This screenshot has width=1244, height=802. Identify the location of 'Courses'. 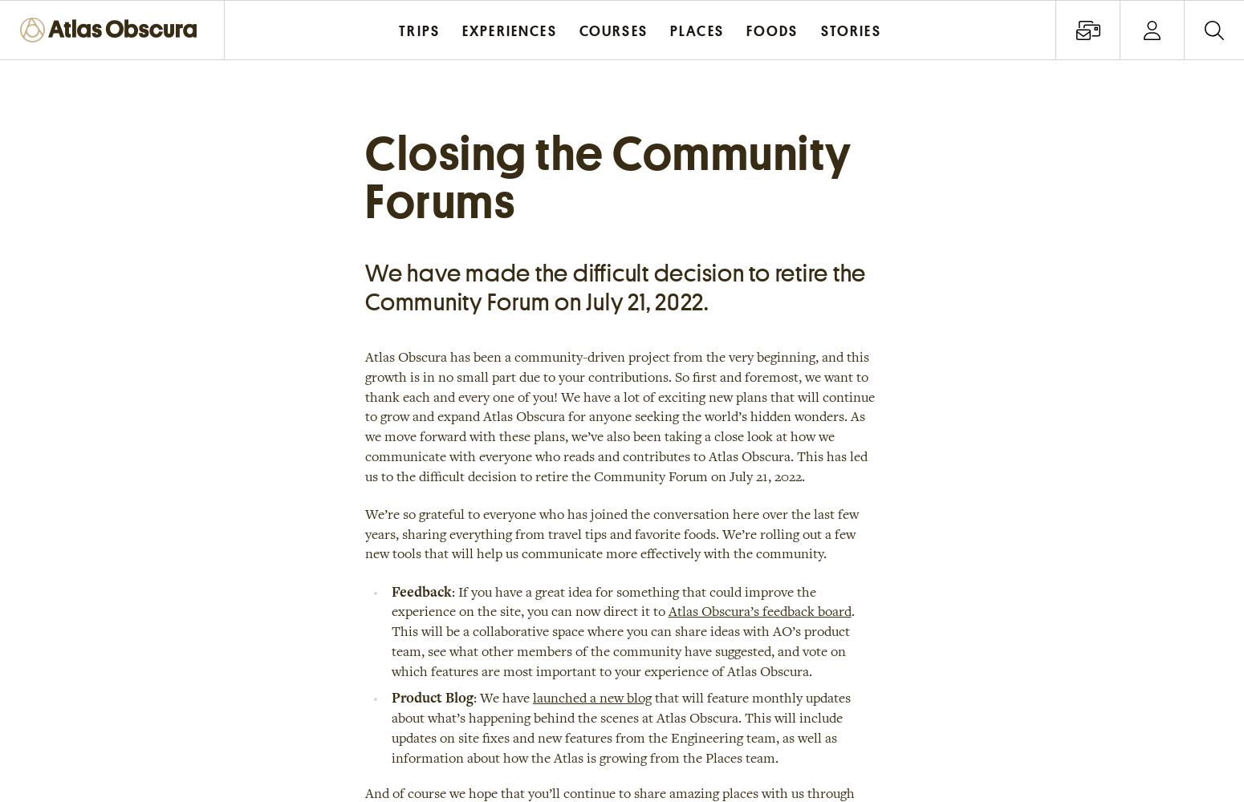
(612, 30).